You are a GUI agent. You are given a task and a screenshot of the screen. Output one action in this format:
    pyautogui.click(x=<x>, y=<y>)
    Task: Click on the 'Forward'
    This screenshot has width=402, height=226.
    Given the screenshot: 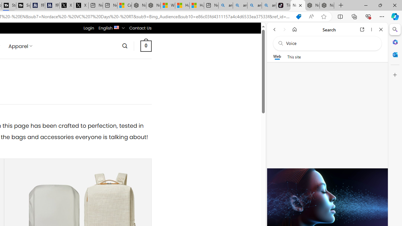 What is the action you would take?
    pyautogui.click(x=284, y=29)
    